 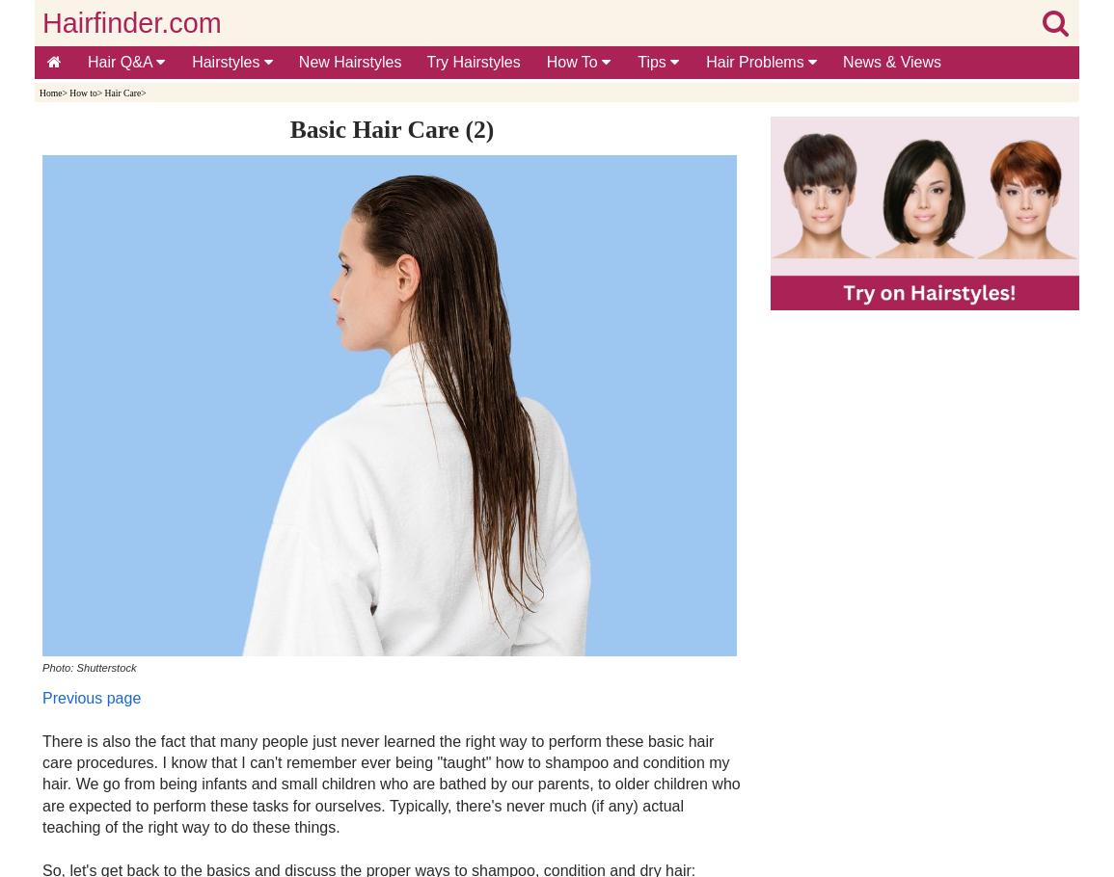 What do you see at coordinates (652, 62) in the screenshot?
I see `'Tips'` at bounding box center [652, 62].